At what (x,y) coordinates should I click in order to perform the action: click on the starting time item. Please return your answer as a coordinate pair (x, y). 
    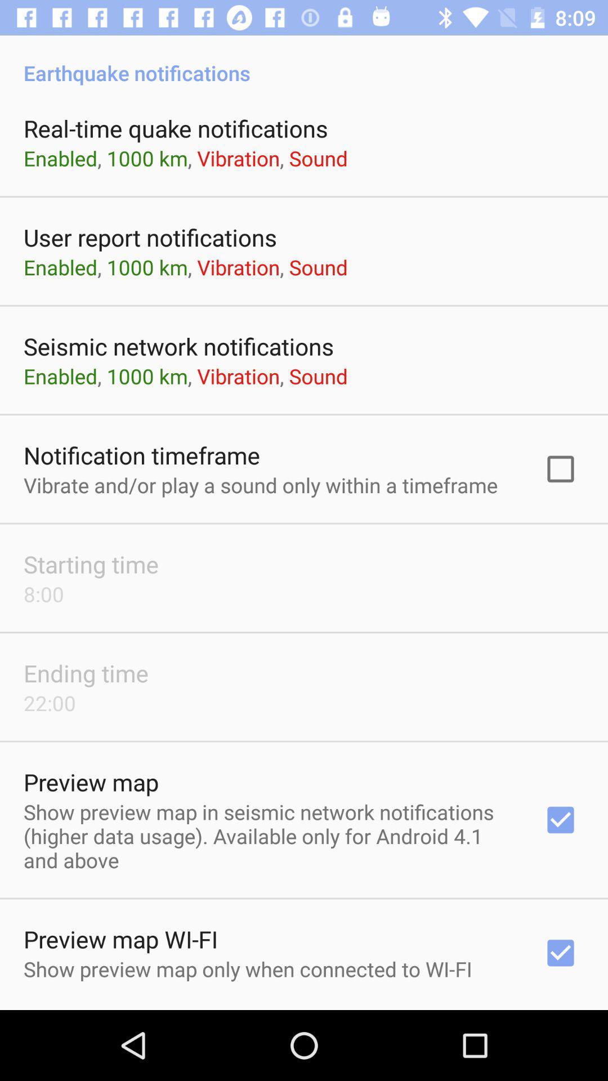
    Looking at the image, I should click on (91, 564).